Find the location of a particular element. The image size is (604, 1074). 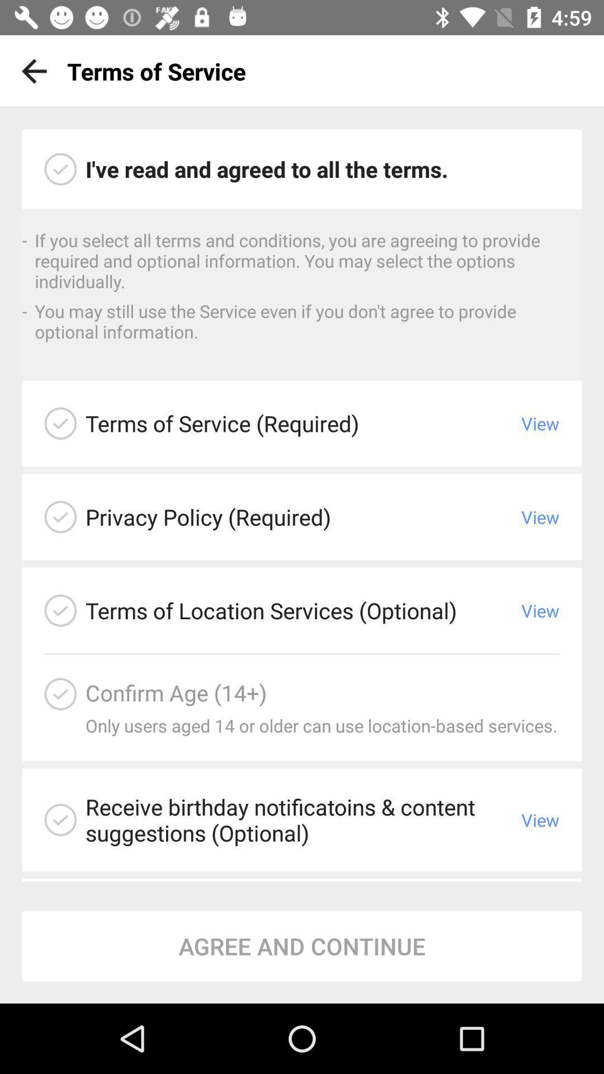

the option pointing agreed terms and conditions is located at coordinates (60, 168).